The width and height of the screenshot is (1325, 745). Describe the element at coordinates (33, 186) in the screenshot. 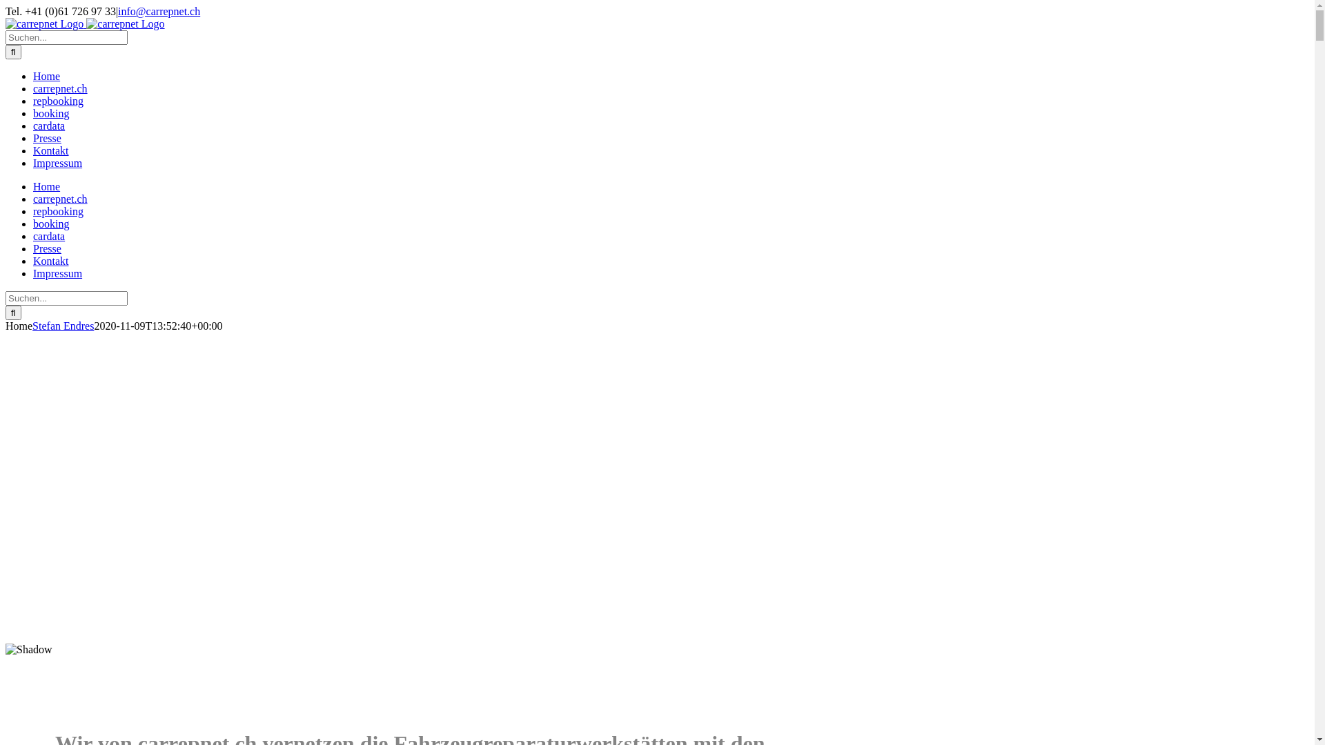

I see `'Home'` at that location.